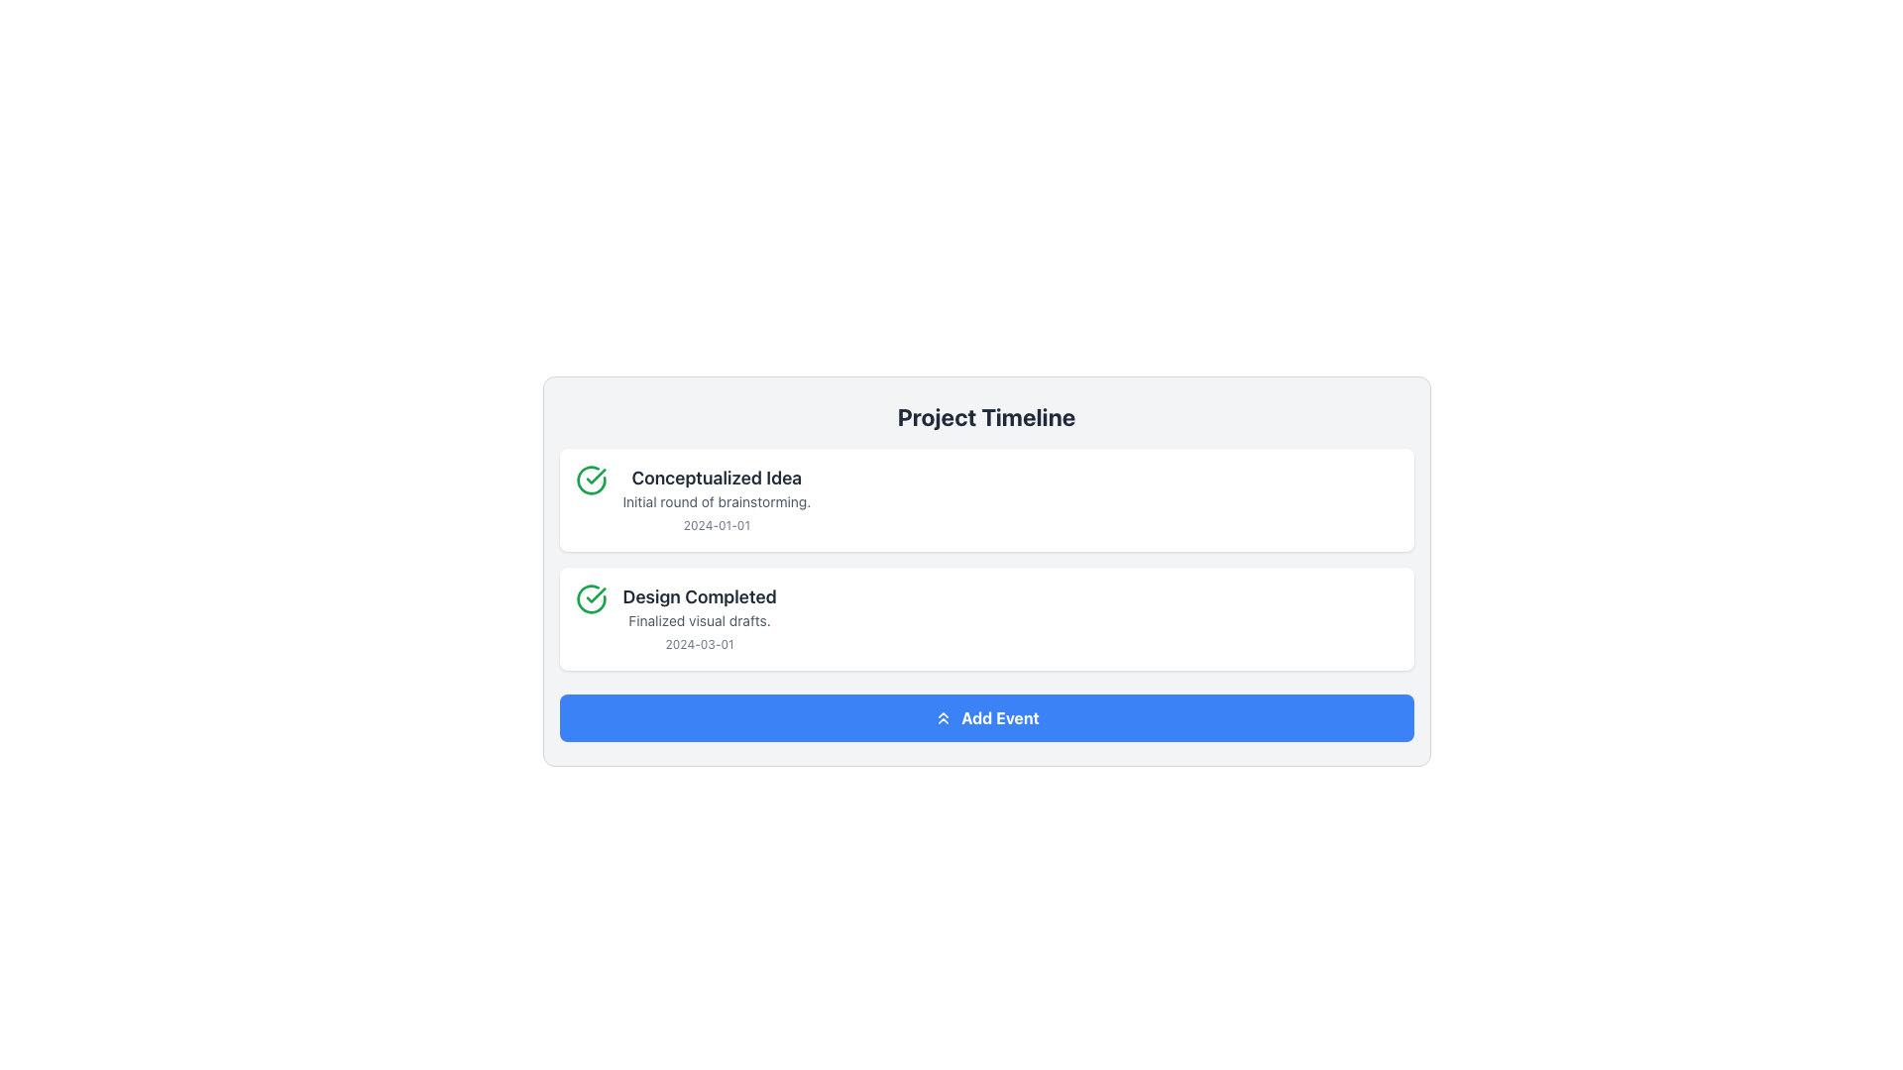 The width and height of the screenshot is (1903, 1070). Describe the element at coordinates (986, 499) in the screenshot. I see `details of the Timeline Card displaying the title 'Conceptualized Idea', which is the first item in the Project Timeline list` at that location.